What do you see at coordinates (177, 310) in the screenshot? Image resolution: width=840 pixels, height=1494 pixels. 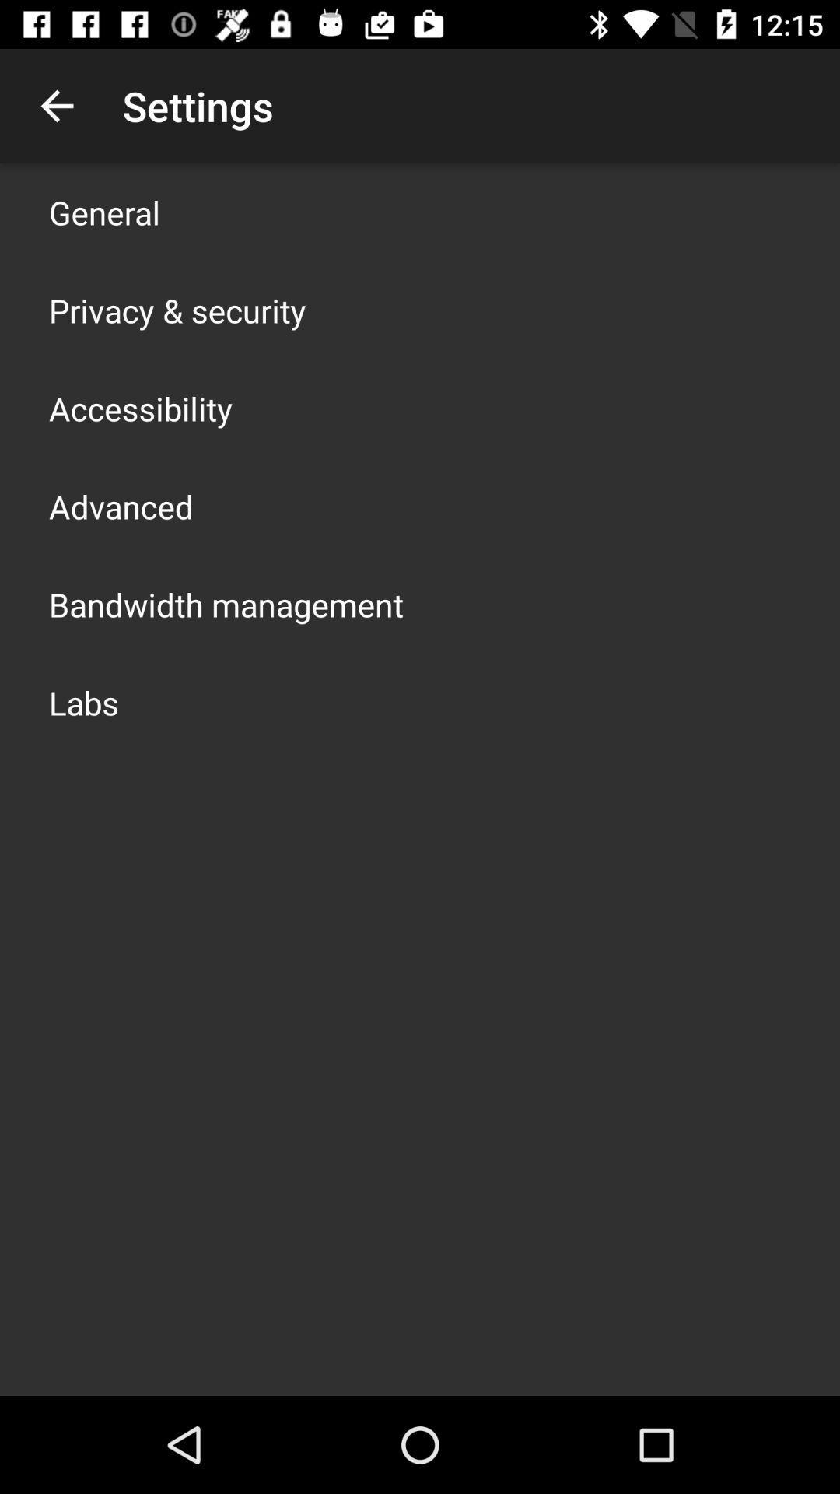 I see `icon below the general` at bounding box center [177, 310].